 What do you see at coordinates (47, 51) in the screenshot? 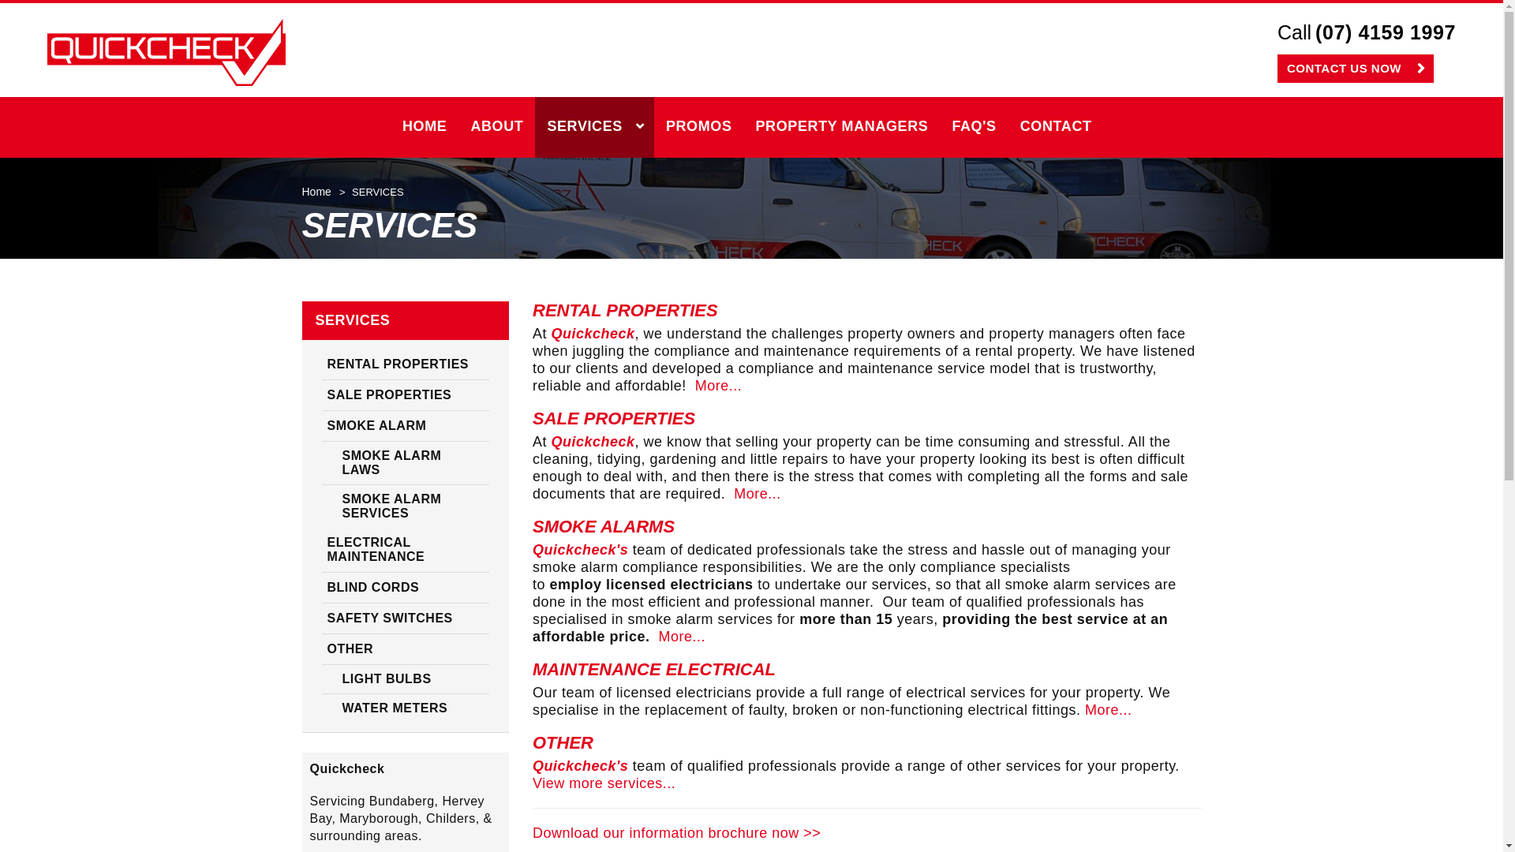
I see `'Quickcheck'` at bounding box center [47, 51].